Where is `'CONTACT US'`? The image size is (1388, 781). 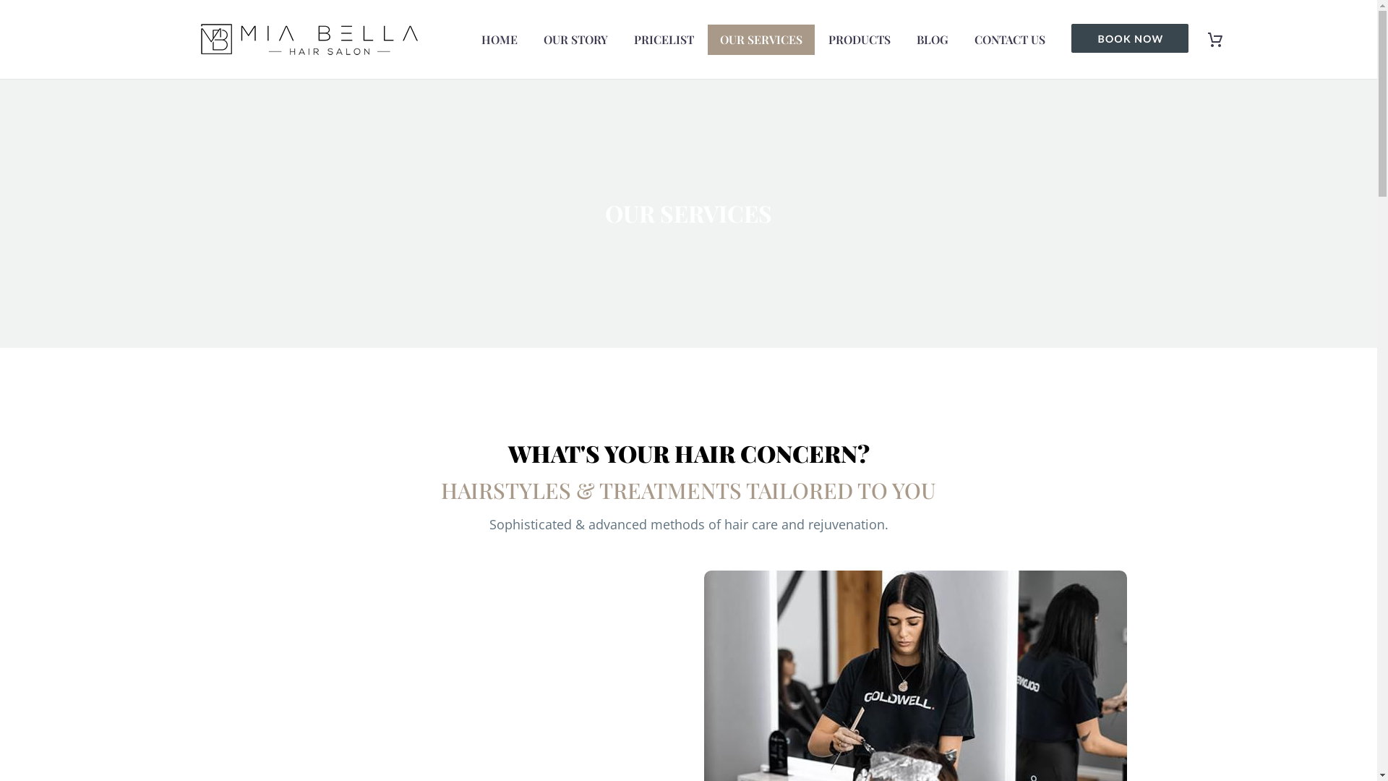
'CONTACT US' is located at coordinates (1008, 38).